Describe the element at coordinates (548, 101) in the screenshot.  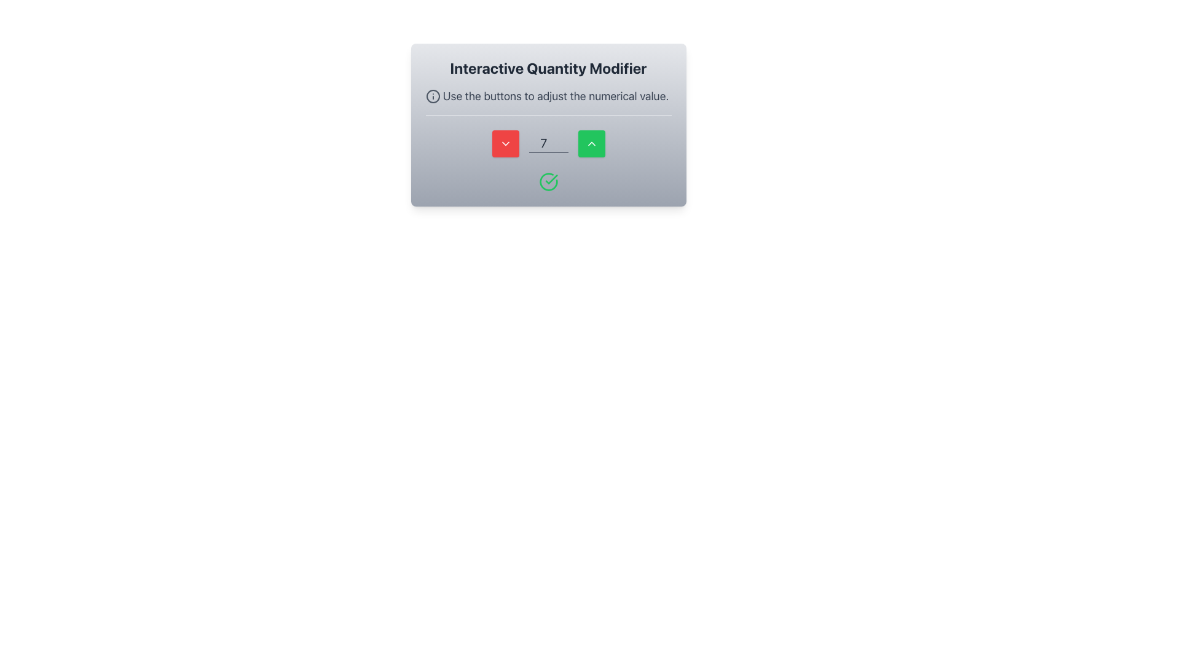
I see `the text block that contains the message 'Use the buttons to adjust the numerical value.' which is styled in medium-sized gray text and is positioned below the title 'Interactive Quantity Modifier'` at that location.